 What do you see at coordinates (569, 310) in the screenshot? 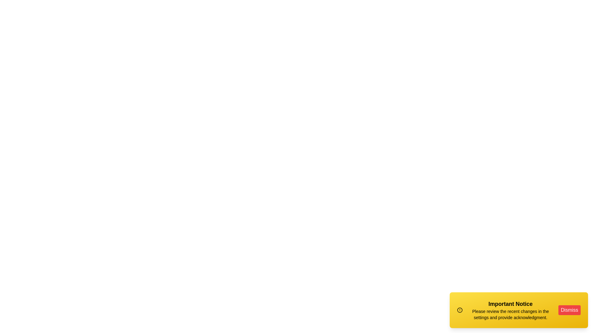
I see `'Dismiss' button to close the alert` at bounding box center [569, 310].